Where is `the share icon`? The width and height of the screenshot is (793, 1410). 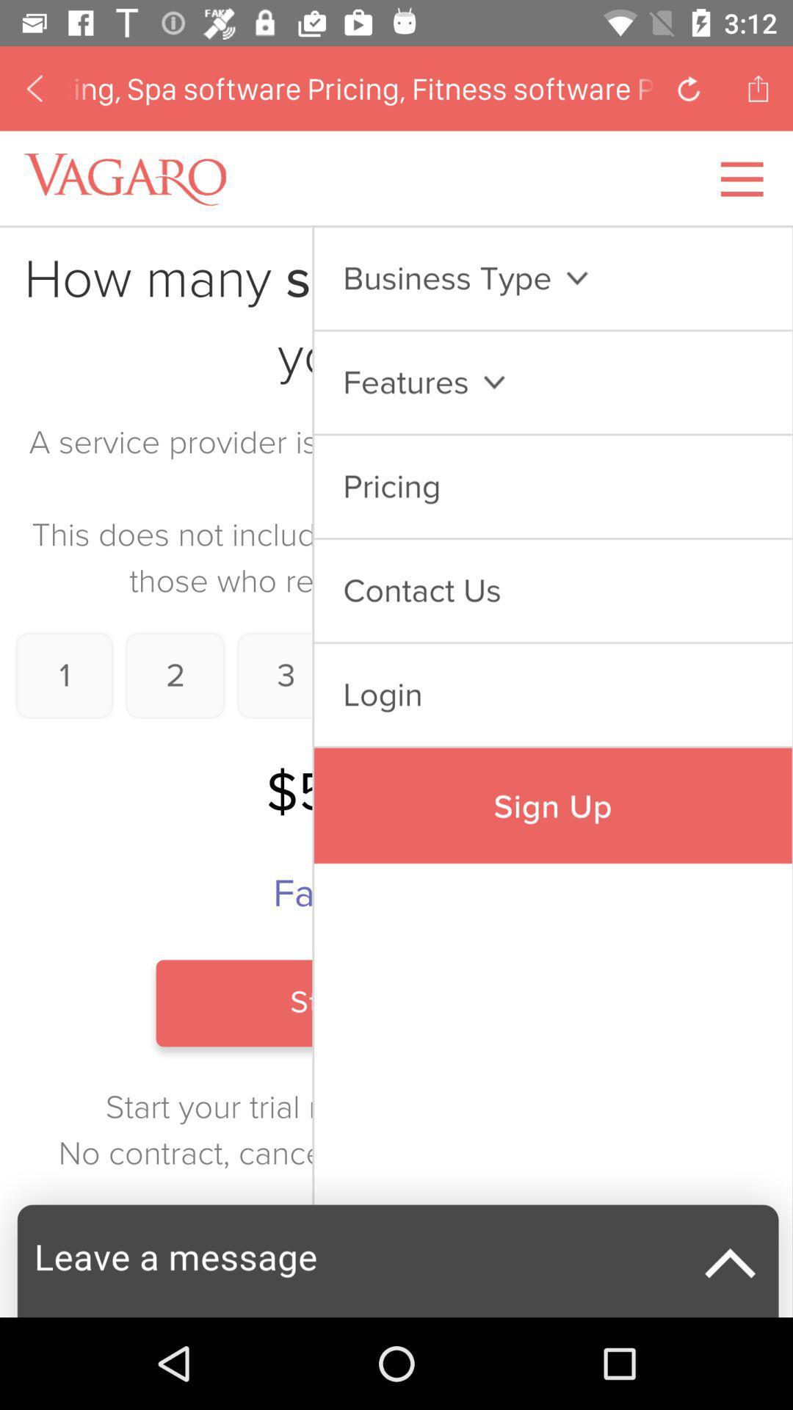
the share icon is located at coordinates (758, 87).